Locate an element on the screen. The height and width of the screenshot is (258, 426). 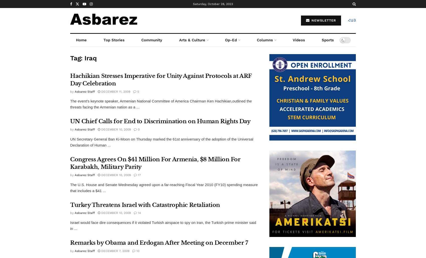
'10' is located at coordinates (137, 250).